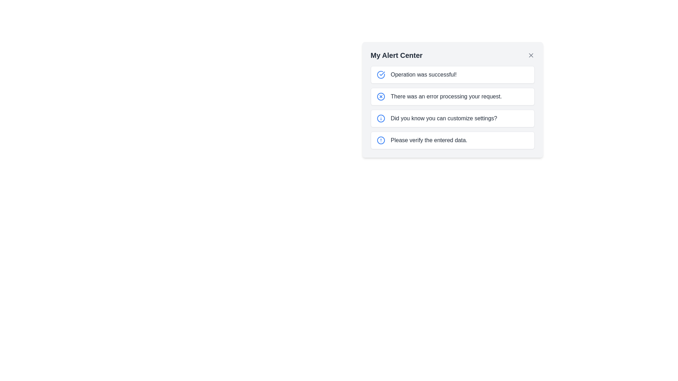  Describe the element at coordinates (380, 118) in the screenshot. I see `the circular element with a blue border and white background, which is centrally positioned within the information icon in the third item of the 'My Alert Center' section` at that location.